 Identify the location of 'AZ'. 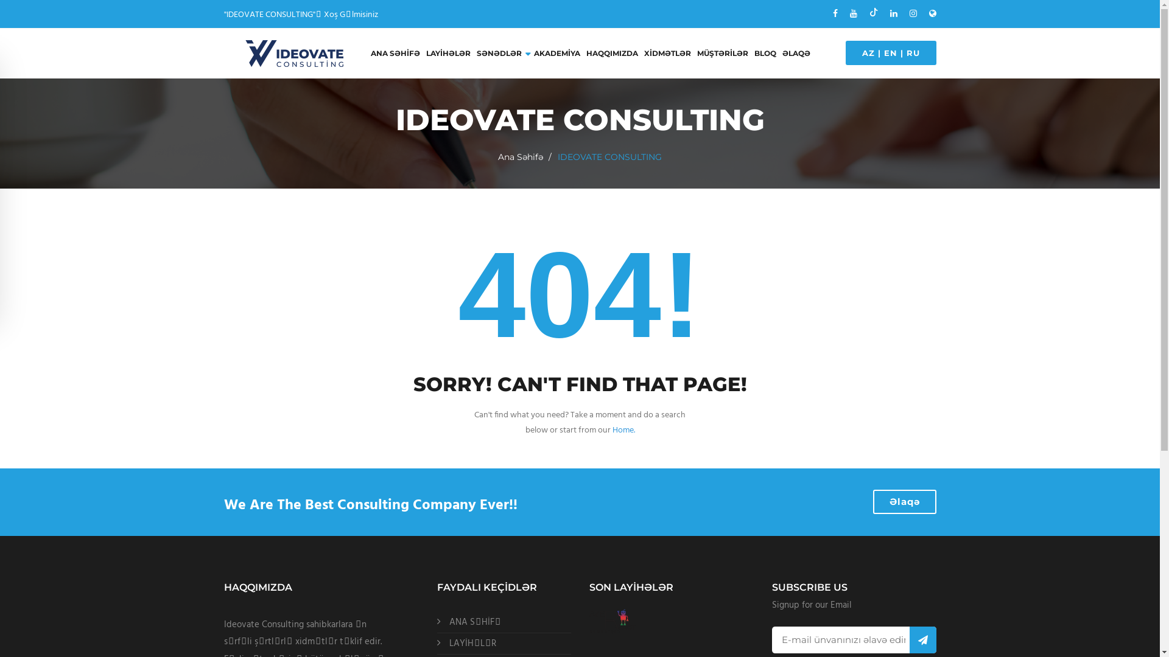
(868, 52).